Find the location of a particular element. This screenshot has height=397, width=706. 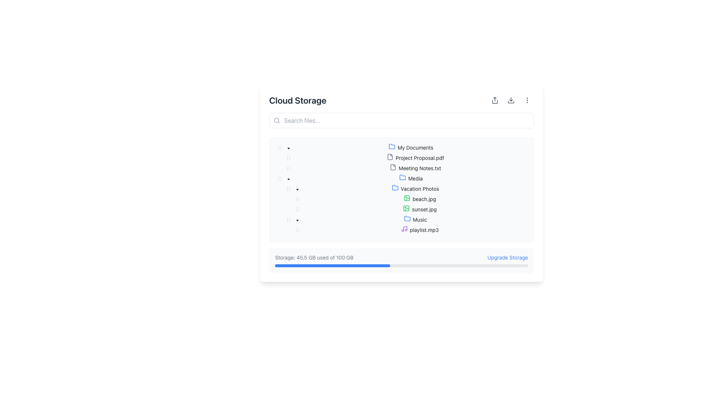

the down-pointing triangular icon is located at coordinates (297, 188).